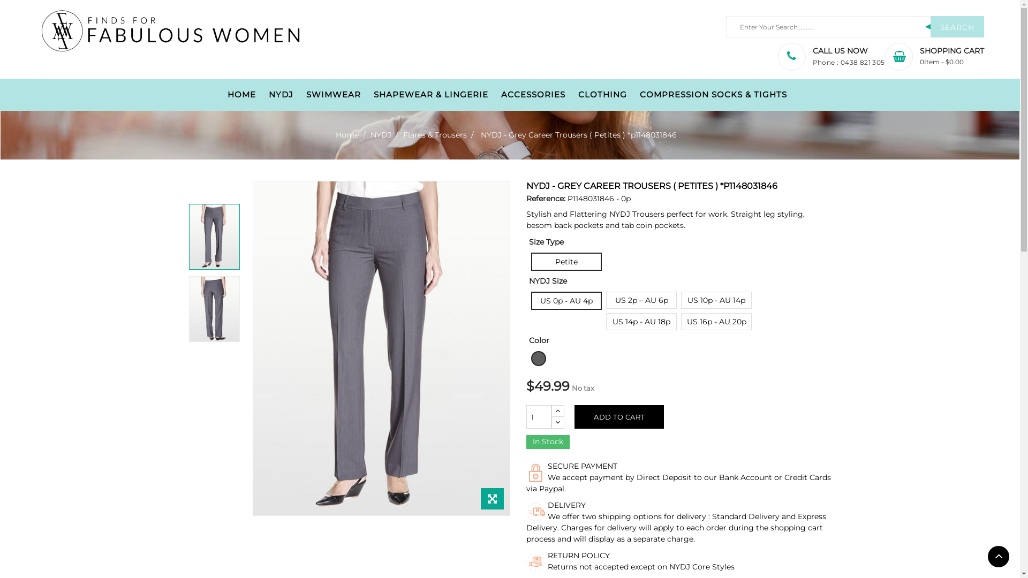 The width and height of the screenshot is (1028, 578). I want to click on 'SEARCH', so click(957, 26).